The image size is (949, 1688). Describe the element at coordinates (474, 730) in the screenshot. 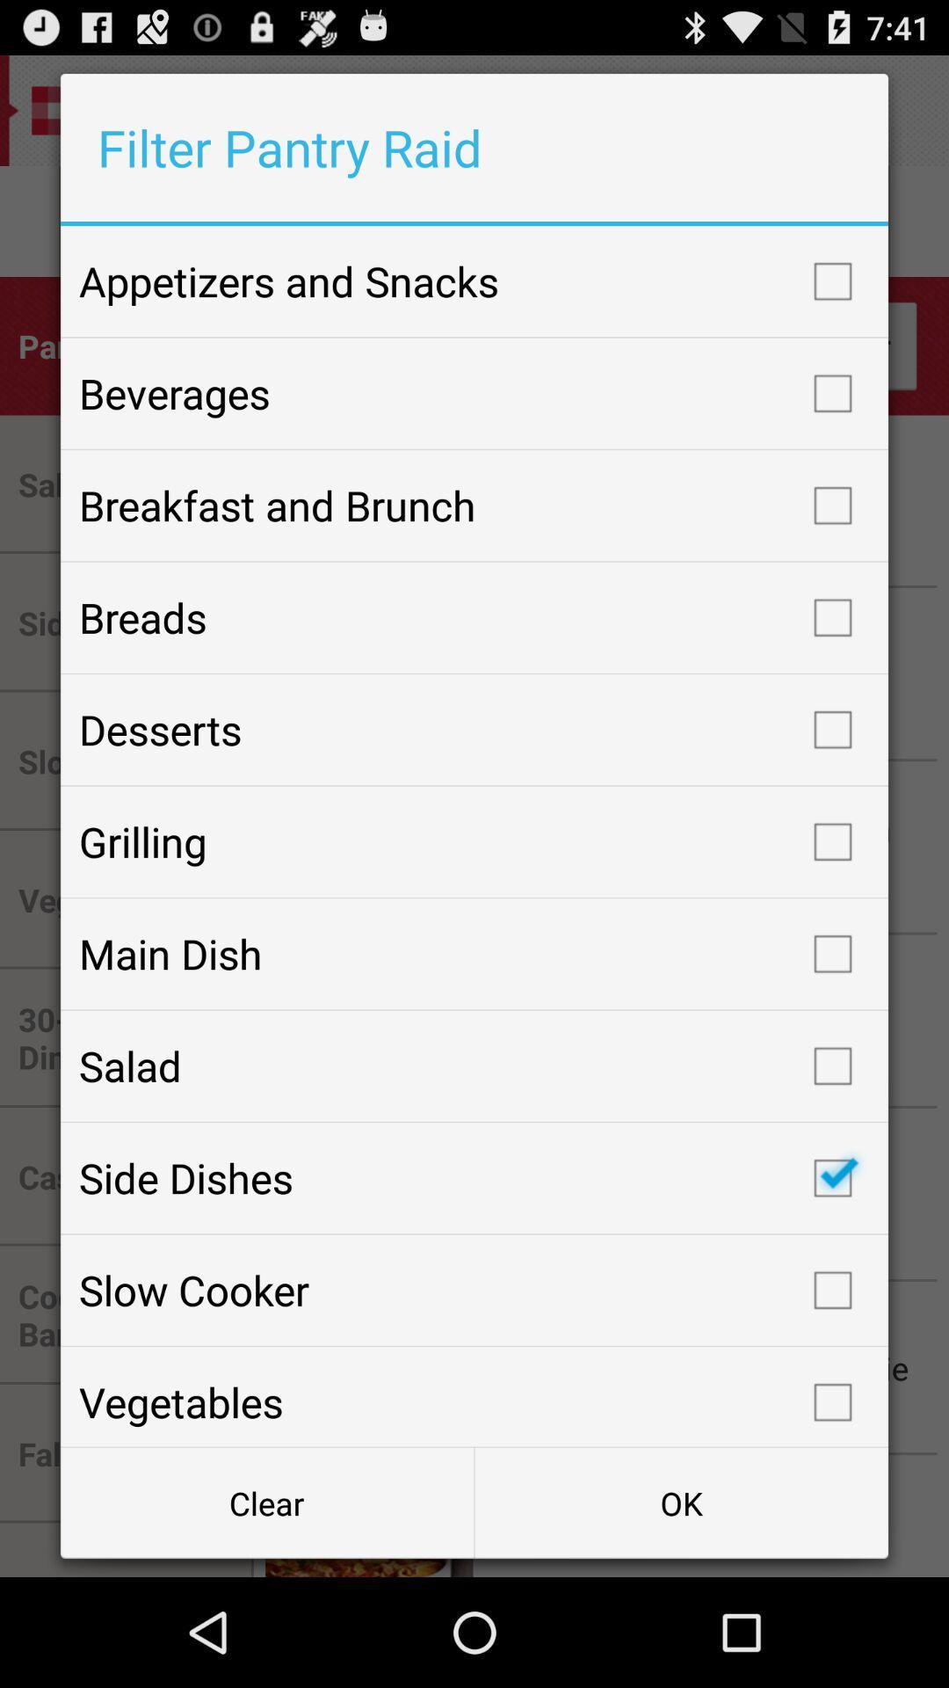

I see `desserts icon` at that location.